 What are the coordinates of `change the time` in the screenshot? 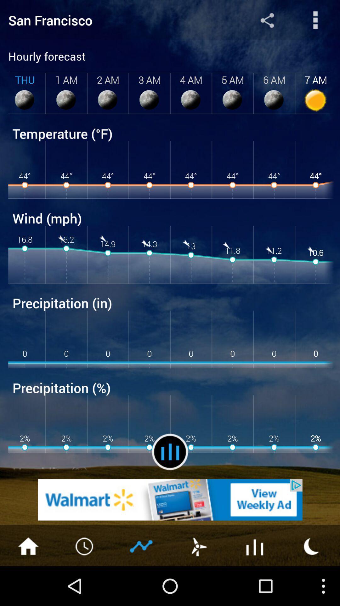 It's located at (85, 545).